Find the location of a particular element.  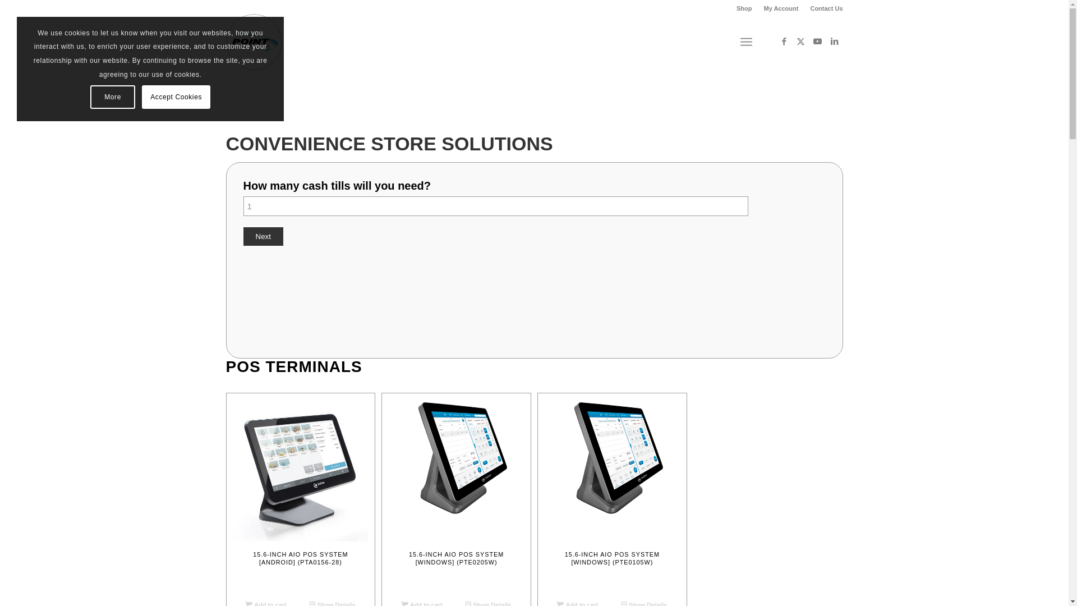

'My Account' is located at coordinates (780, 8).